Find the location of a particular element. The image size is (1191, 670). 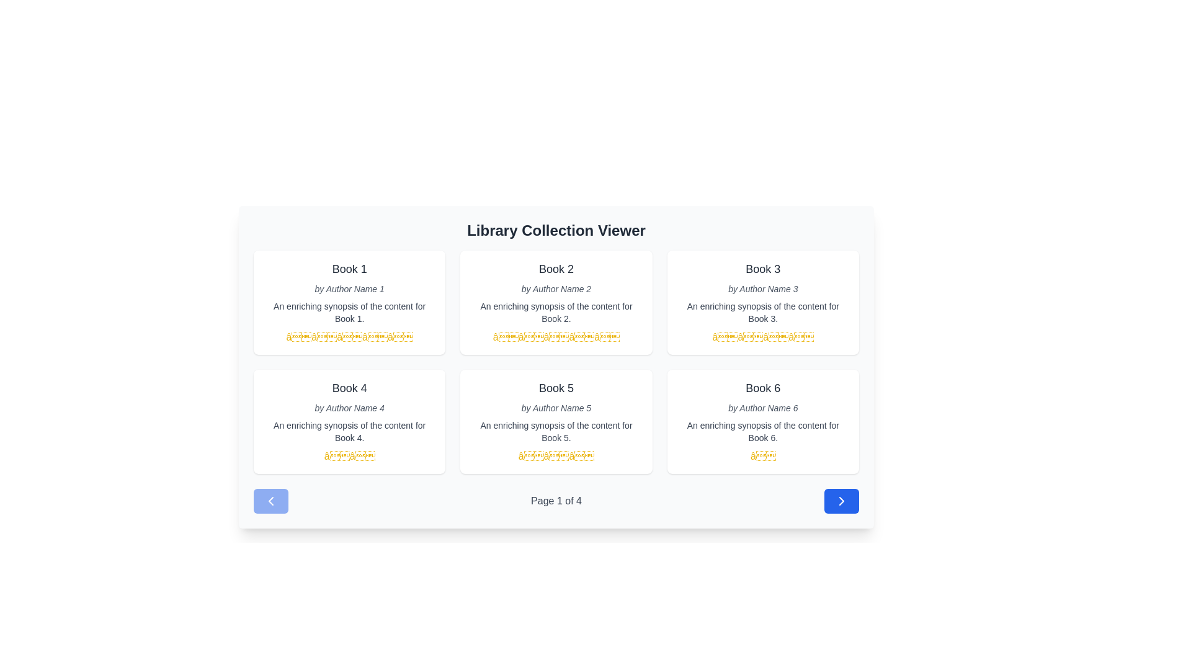

the non-interactive text label providing additional information about 'Book 6', located below the title and author information and above the star rating is located at coordinates (762, 431).